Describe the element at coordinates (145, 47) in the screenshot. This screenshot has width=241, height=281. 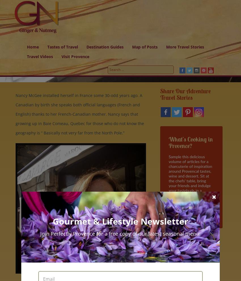
I see `'Map of Posts'` at that location.